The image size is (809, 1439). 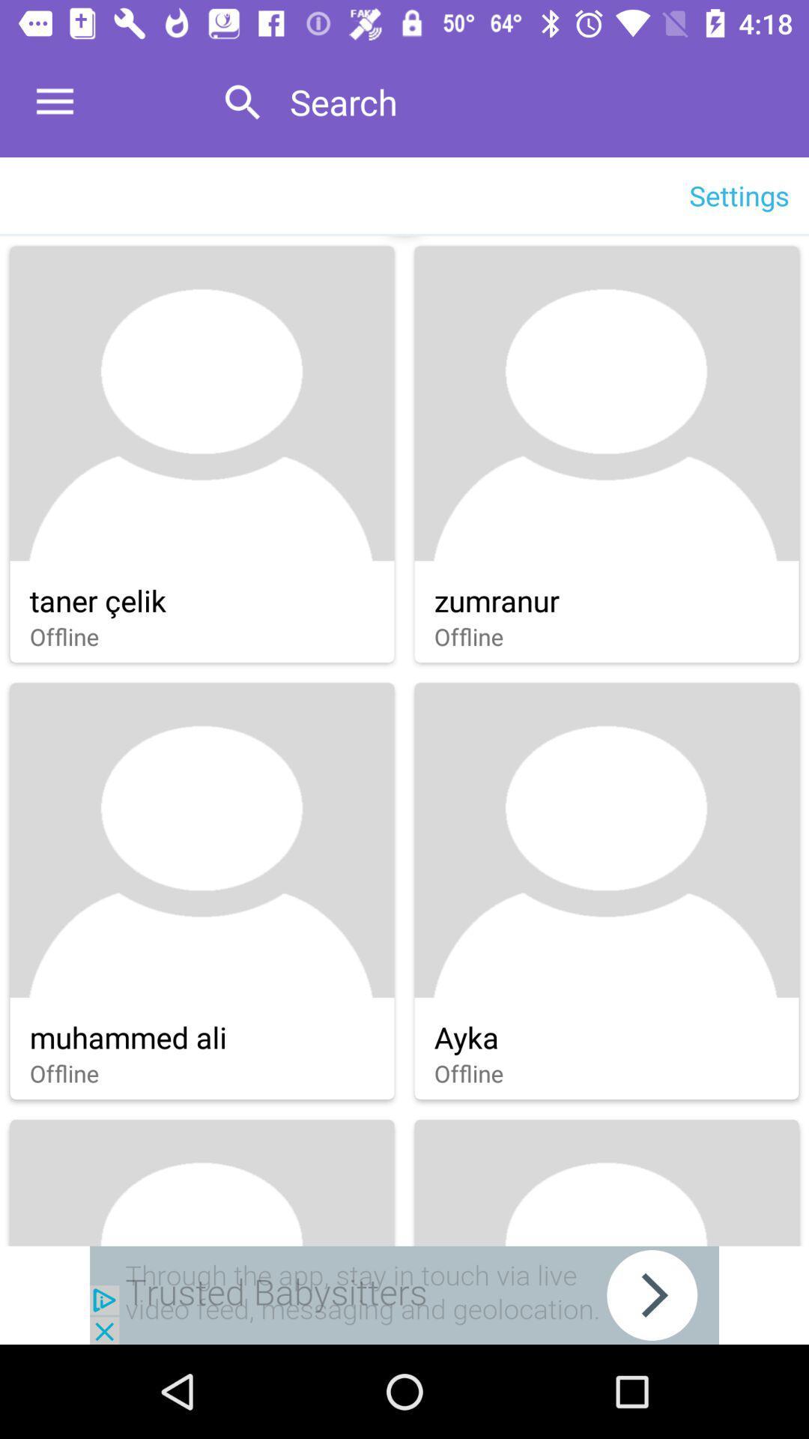 What do you see at coordinates (404, 1294) in the screenshot?
I see `see babysitters` at bounding box center [404, 1294].